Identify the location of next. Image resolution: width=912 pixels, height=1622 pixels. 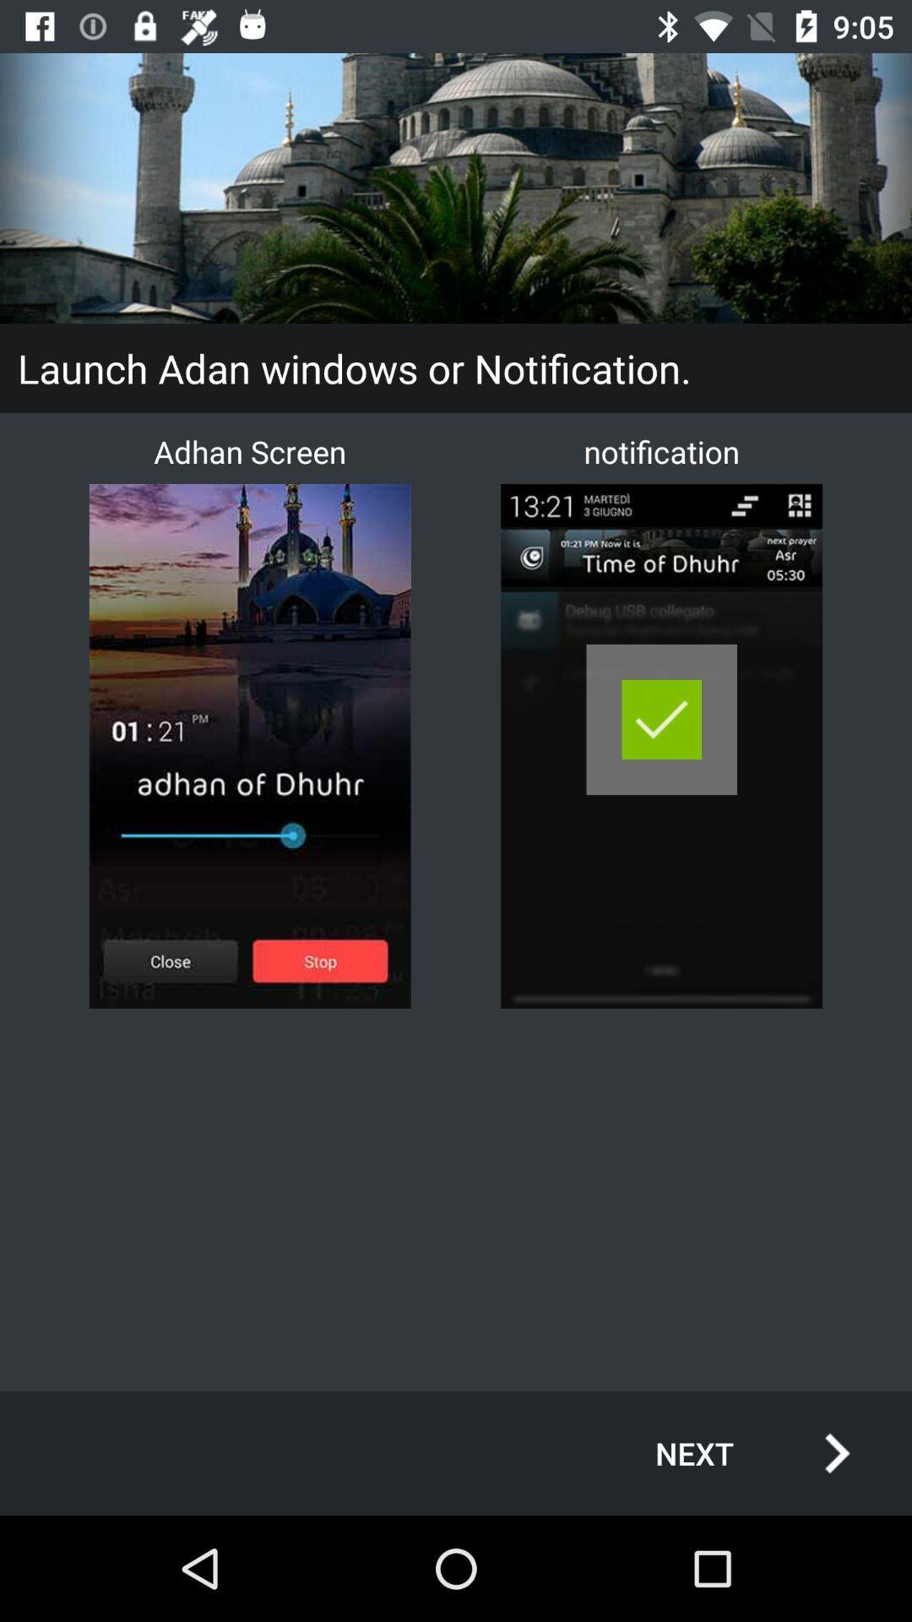
(734, 1452).